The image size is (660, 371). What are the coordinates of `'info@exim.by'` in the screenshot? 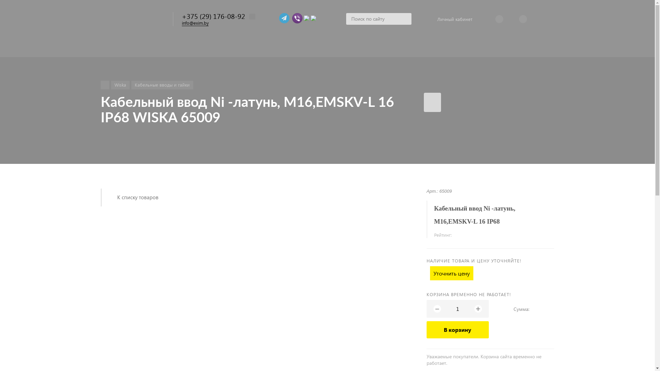 It's located at (194, 22).